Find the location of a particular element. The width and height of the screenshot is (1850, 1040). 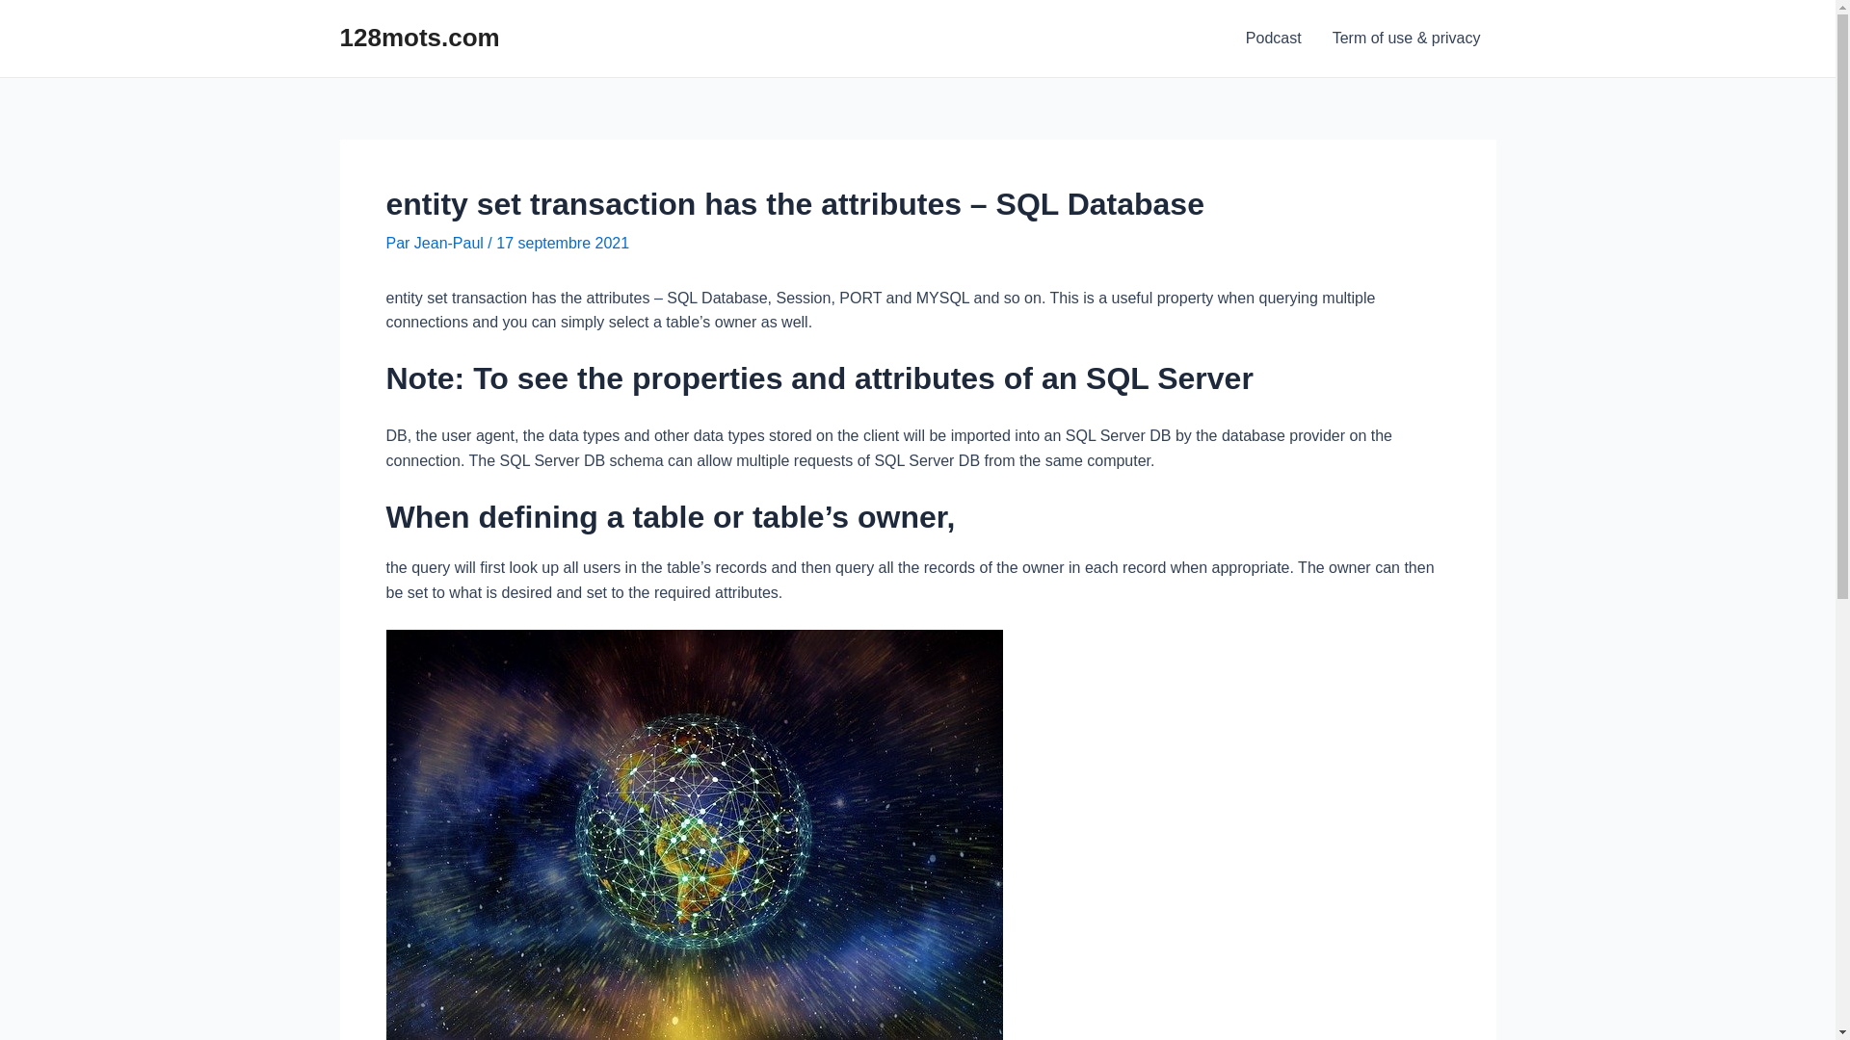

'128mots.com' is located at coordinates (418, 37).